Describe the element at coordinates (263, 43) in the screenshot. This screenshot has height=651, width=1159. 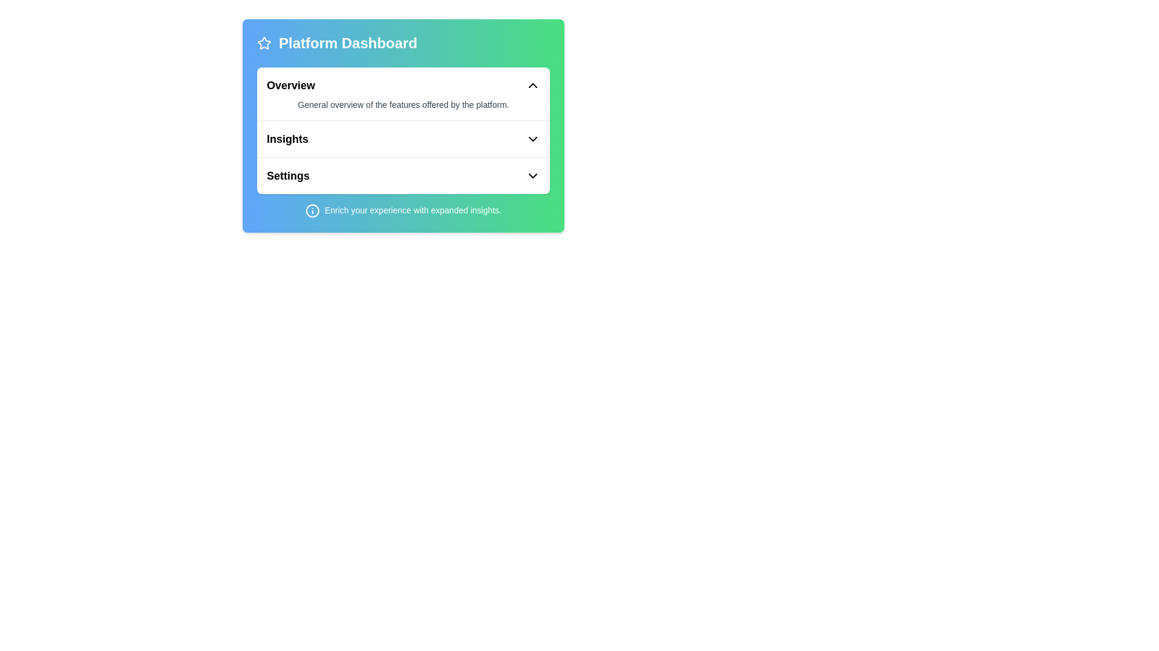
I see `the star-shaped icon with a white outline, located to the left of the text 'Platform Dashboard'` at that location.